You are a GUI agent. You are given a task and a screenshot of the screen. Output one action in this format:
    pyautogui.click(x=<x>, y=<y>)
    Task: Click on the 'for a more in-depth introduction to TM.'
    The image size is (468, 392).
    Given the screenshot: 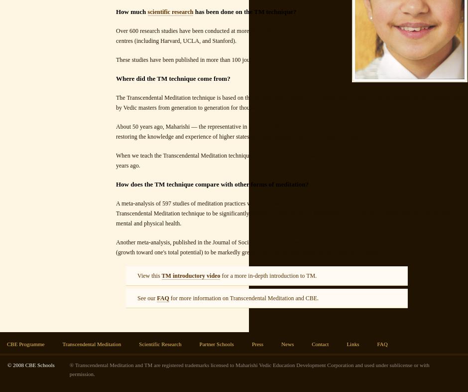 What is the action you would take?
    pyautogui.click(x=219, y=275)
    